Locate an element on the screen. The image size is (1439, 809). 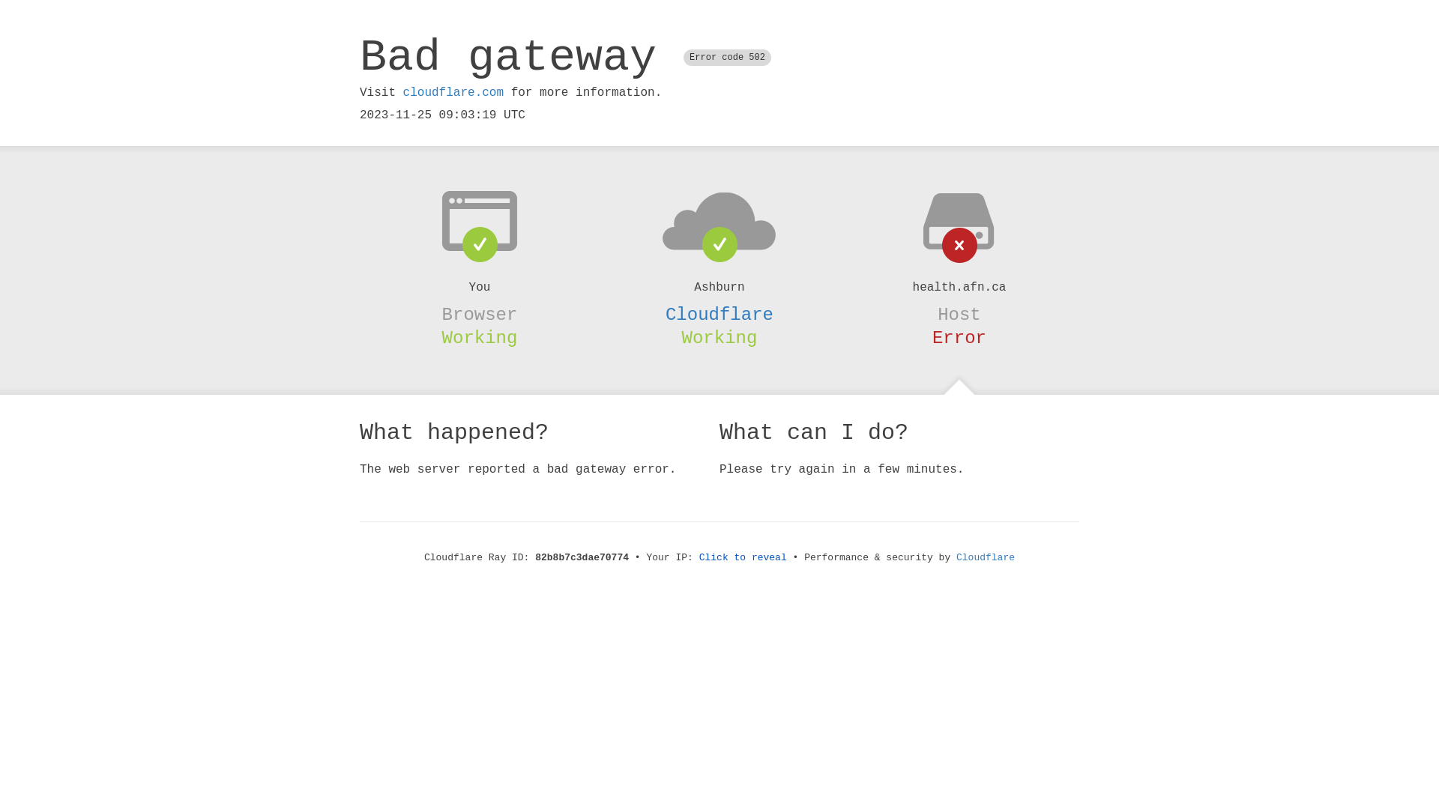
'Cloudflare' is located at coordinates (719, 314).